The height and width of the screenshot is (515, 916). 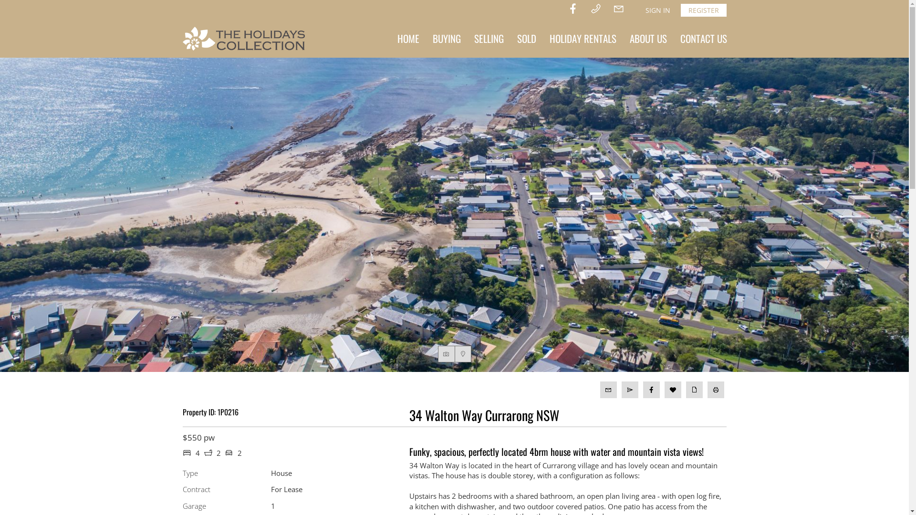 I want to click on 'SOLD', so click(x=526, y=38).